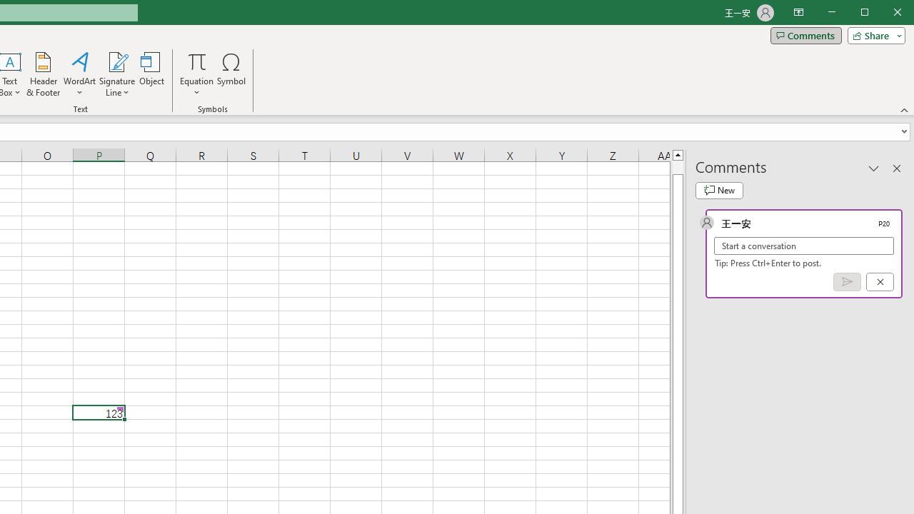  What do you see at coordinates (804, 245) in the screenshot?
I see `'Start a conversation'` at bounding box center [804, 245].